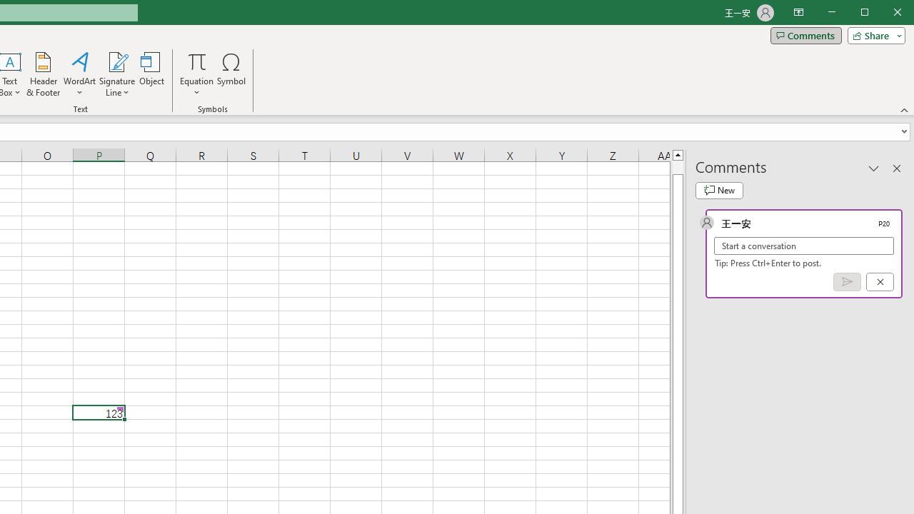  What do you see at coordinates (804, 245) in the screenshot?
I see `'Start a conversation'` at bounding box center [804, 245].